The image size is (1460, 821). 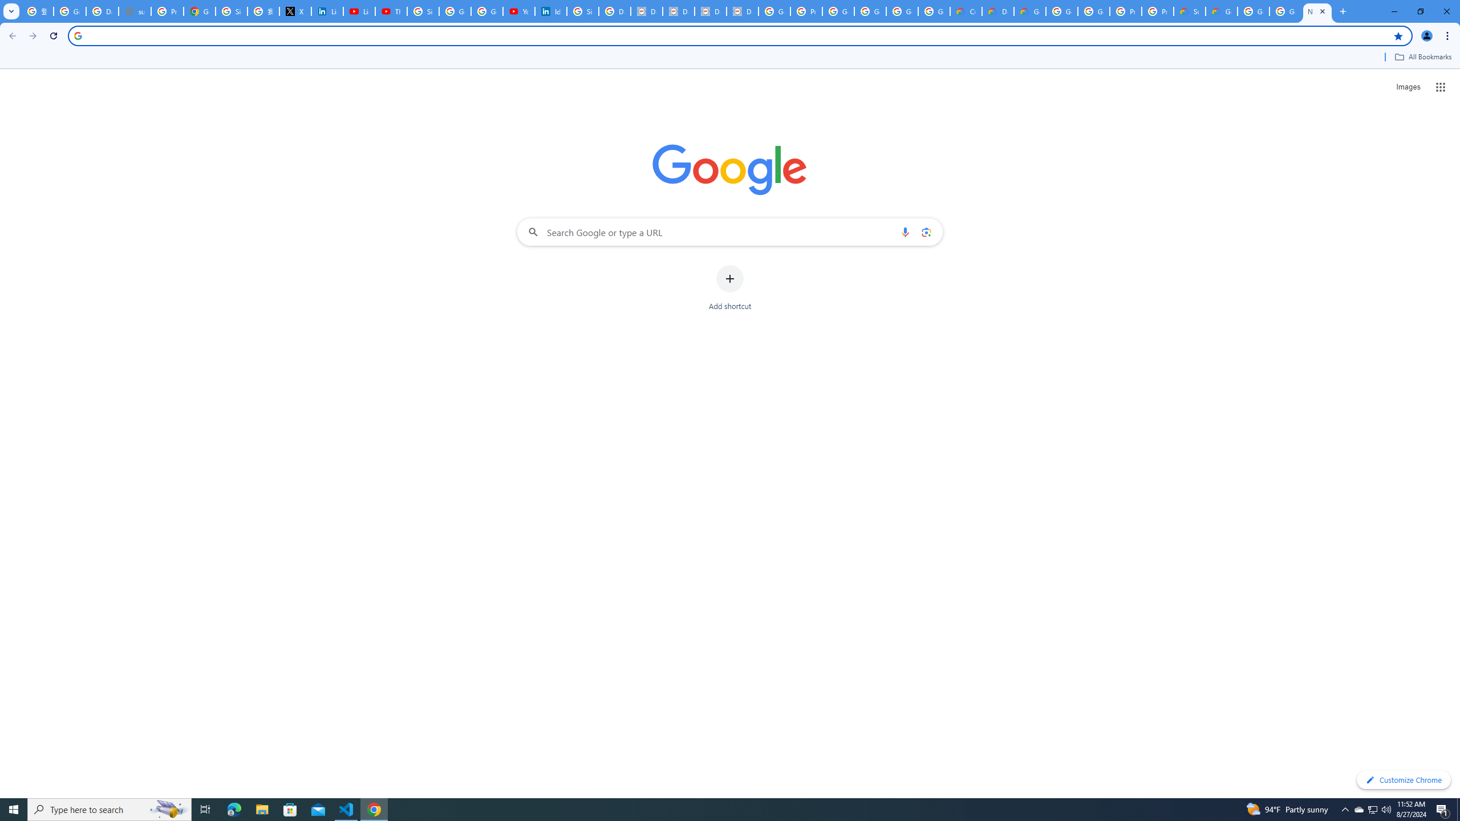 What do you see at coordinates (295, 11) in the screenshot?
I see `'X'` at bounding box center [295, 11].